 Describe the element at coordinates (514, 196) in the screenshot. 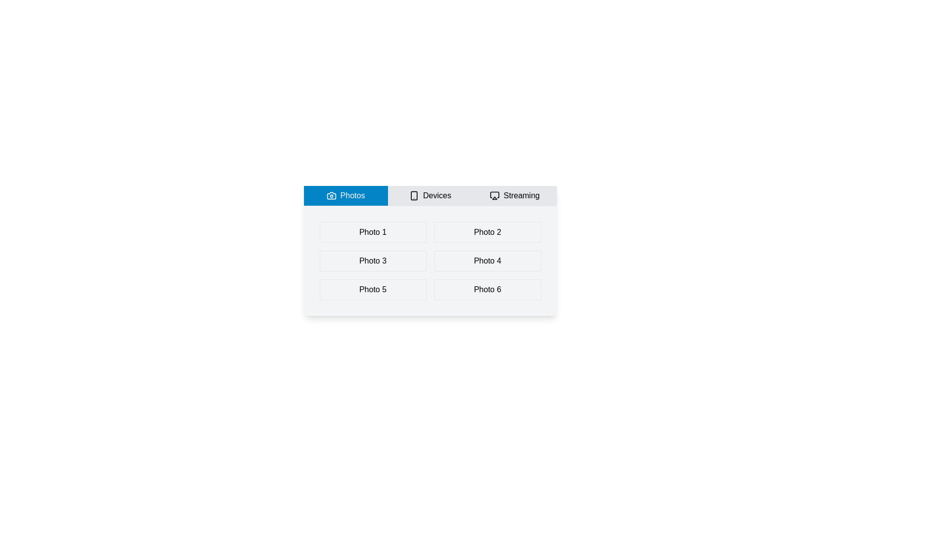

I see `the Streaming tab to view its content` at that location.